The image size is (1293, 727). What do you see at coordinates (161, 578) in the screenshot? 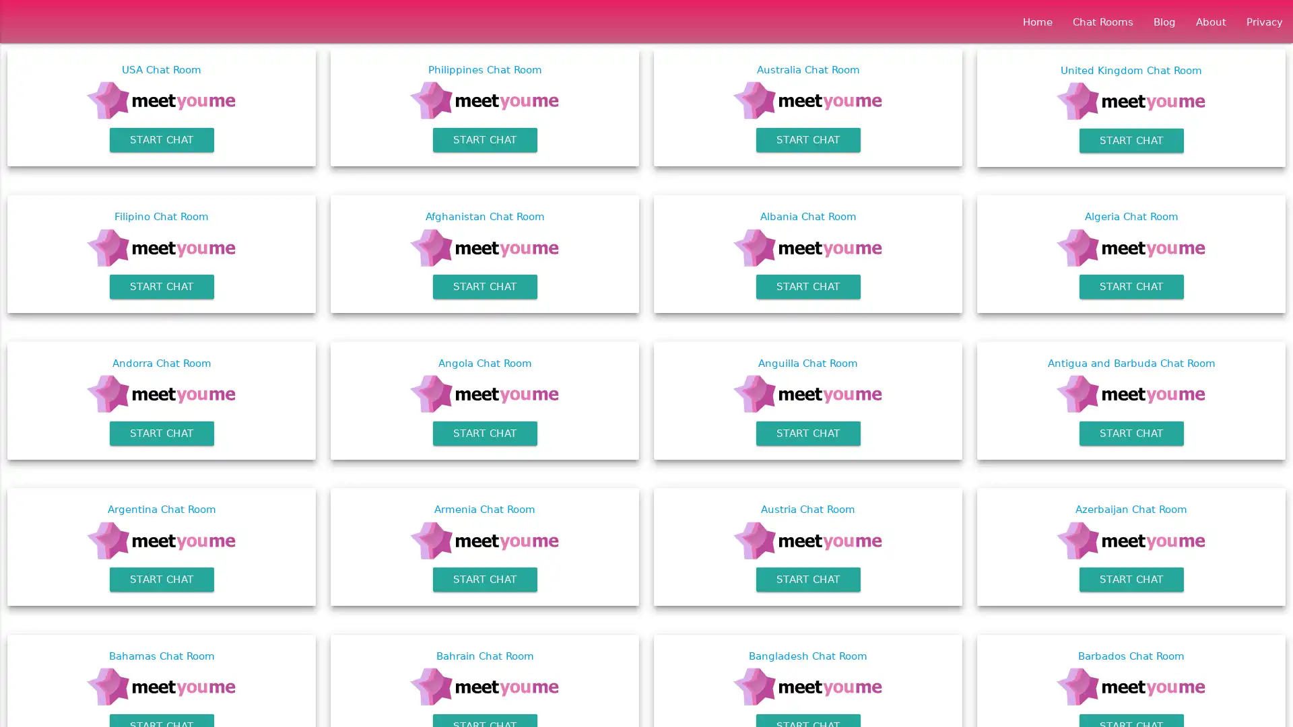
I see `START CHAT` at bounding box center [161, 578].